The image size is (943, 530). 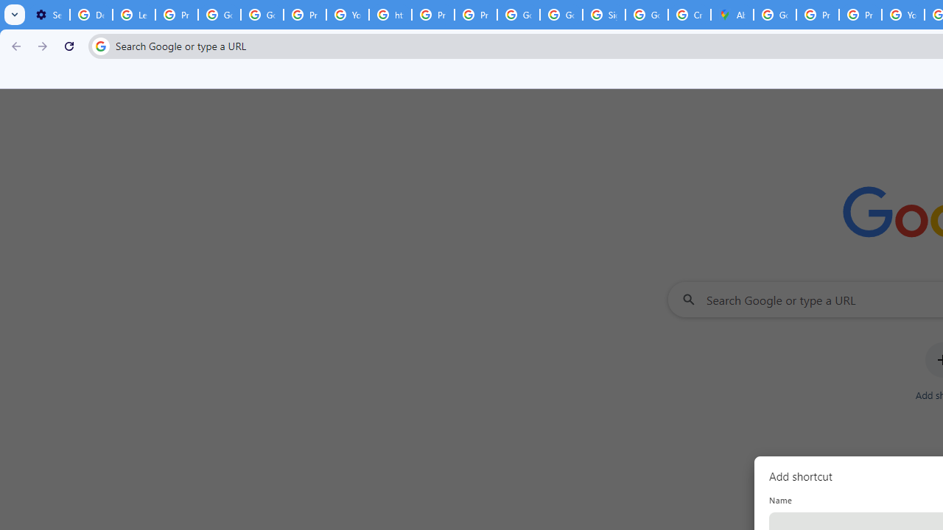 What do you see at coordinates (218, 15) in the screenshot?
I see `'Google Account Help'` at bounding box center [218, 15].